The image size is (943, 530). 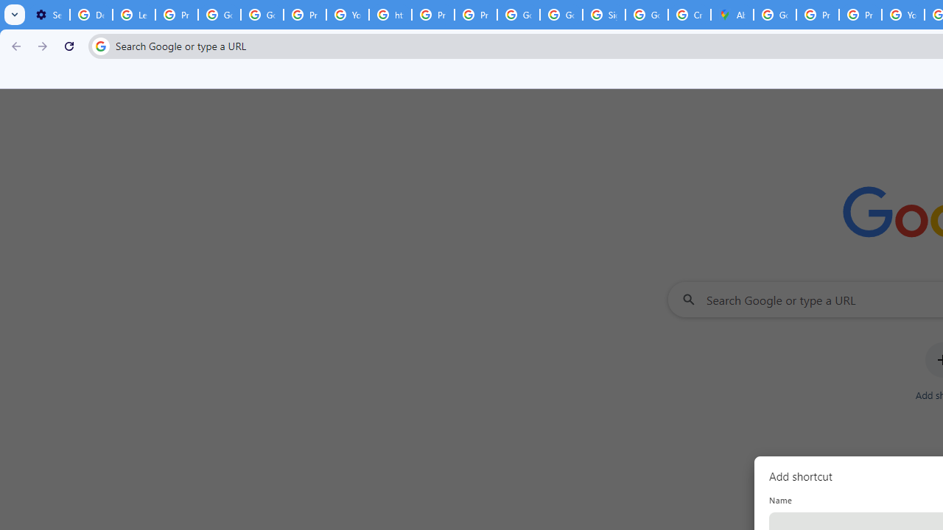 What do you see at coordinates (218, 15) in the screenshot?
I see `'Google Account Help'` at bounding box center [218, 15].